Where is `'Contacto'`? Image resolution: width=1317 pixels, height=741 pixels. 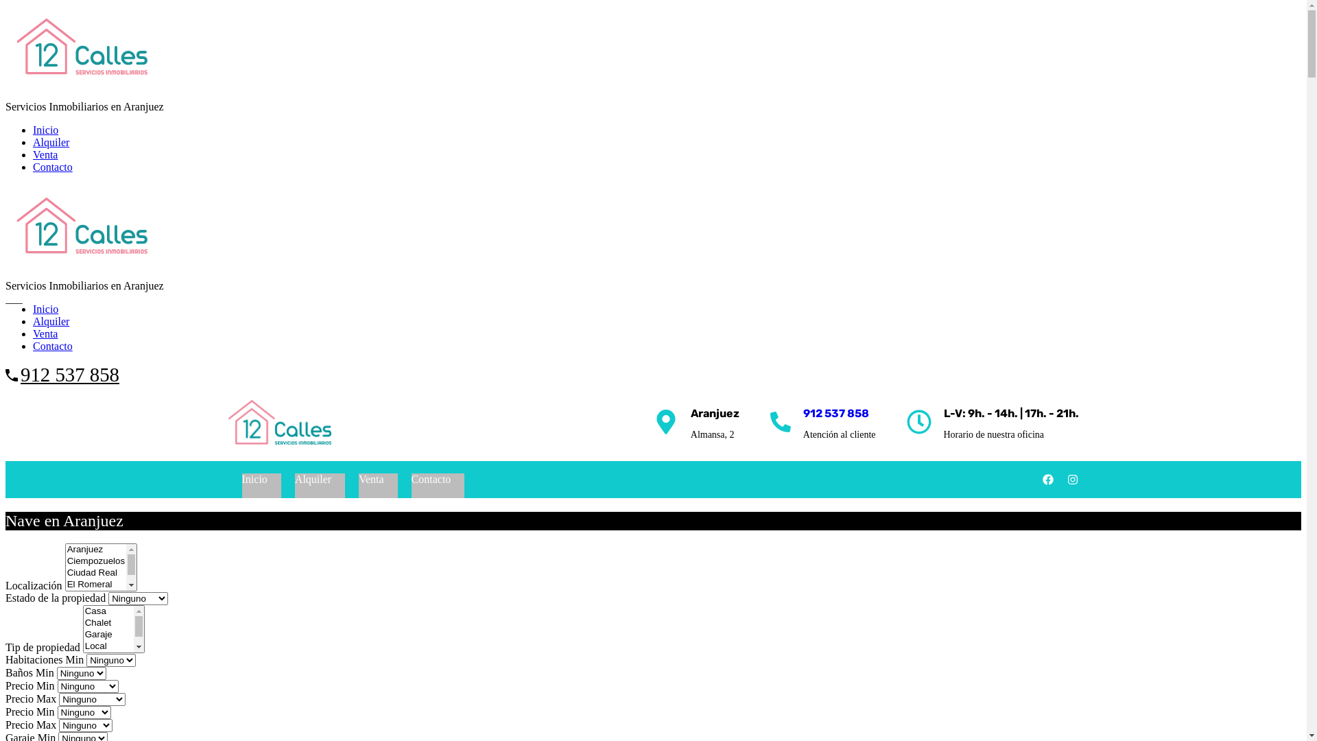 'Contacto' is located at coordinates (52, 345).